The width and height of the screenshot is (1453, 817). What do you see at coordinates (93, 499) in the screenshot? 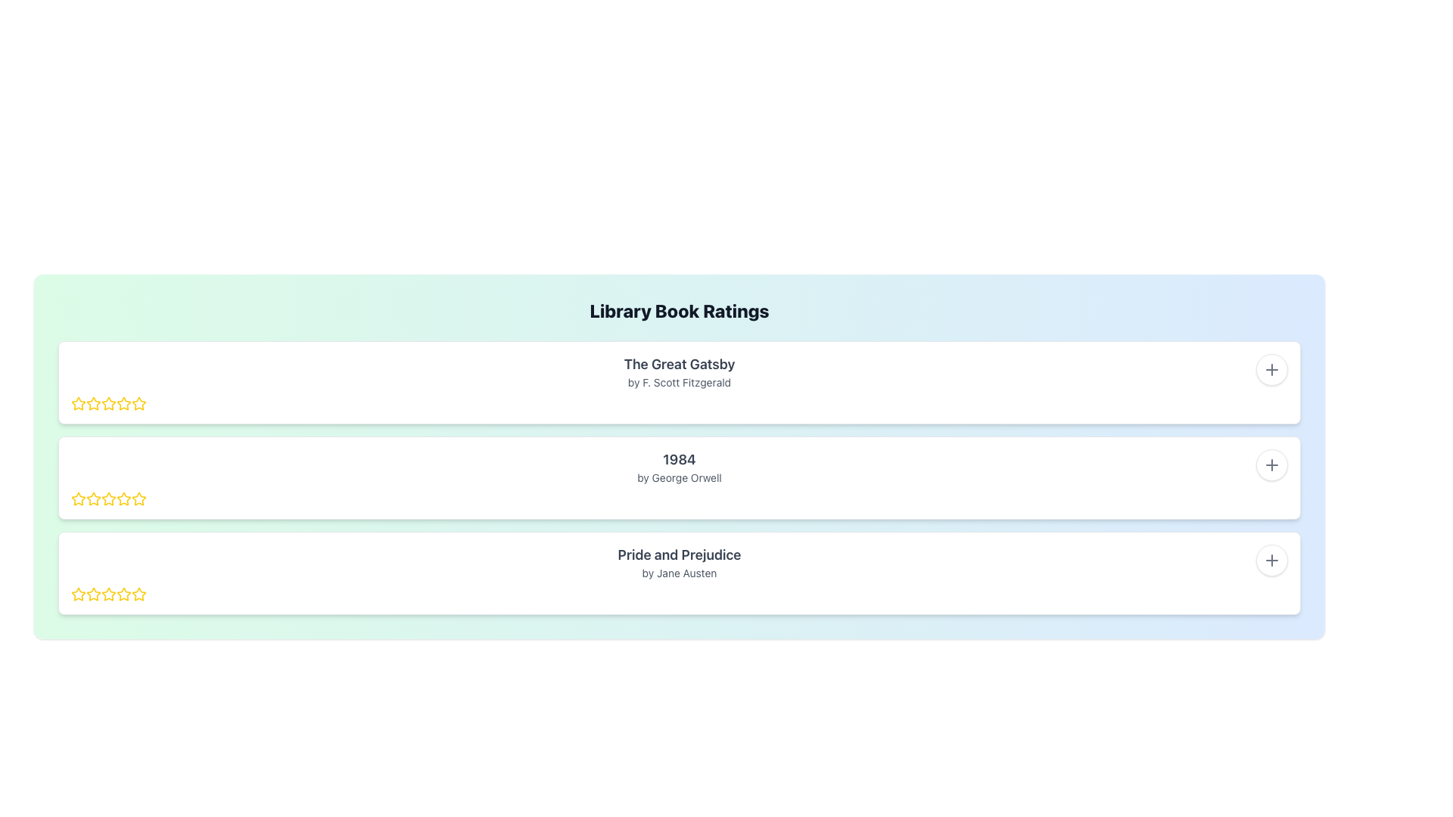
I see `the second star rating icon from the left in the second row, which is outlined in yellow and part of the star rating interface under the book title '1984' by George Orwell` at bounding box center [93, 499].